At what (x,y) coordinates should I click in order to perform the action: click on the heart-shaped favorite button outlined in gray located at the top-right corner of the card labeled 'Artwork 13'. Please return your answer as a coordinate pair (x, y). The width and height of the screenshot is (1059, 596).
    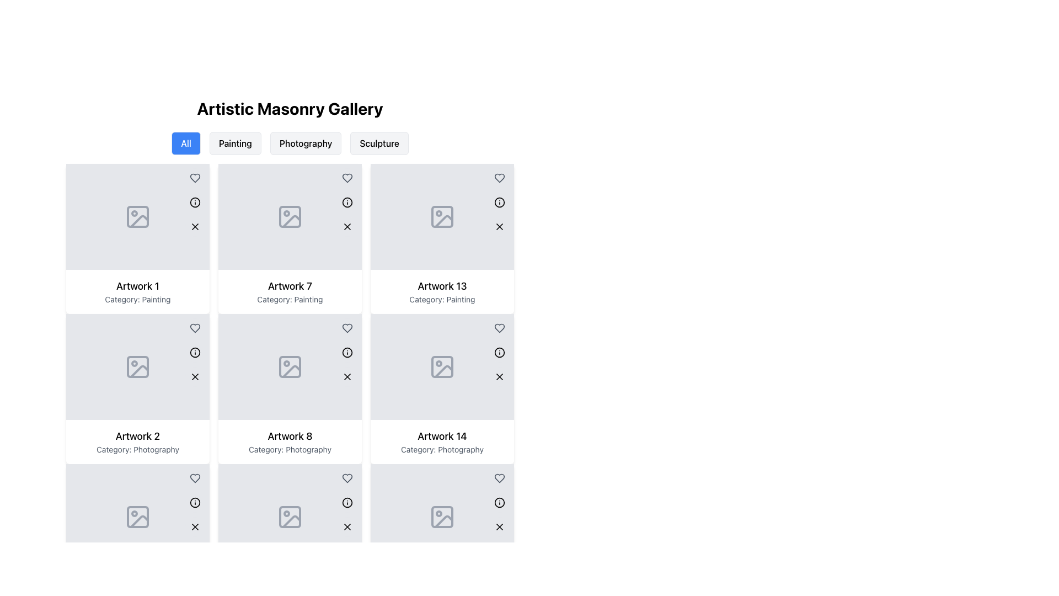
    Looking at the image, I should click on (499, 327).